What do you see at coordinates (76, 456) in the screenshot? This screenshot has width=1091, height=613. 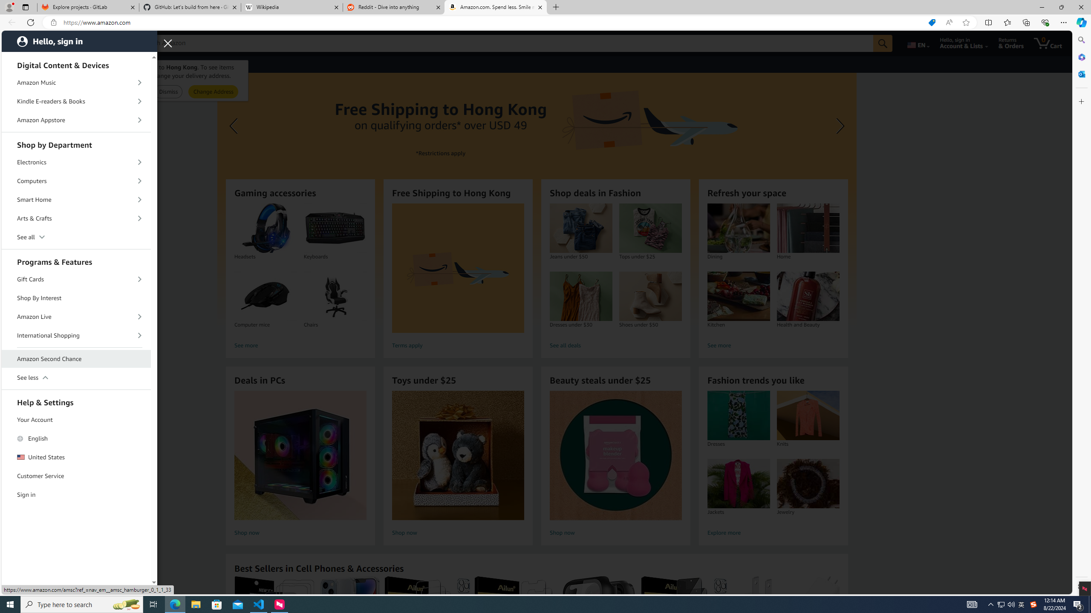 I see `'United States'` at bounding box center [76, 456].